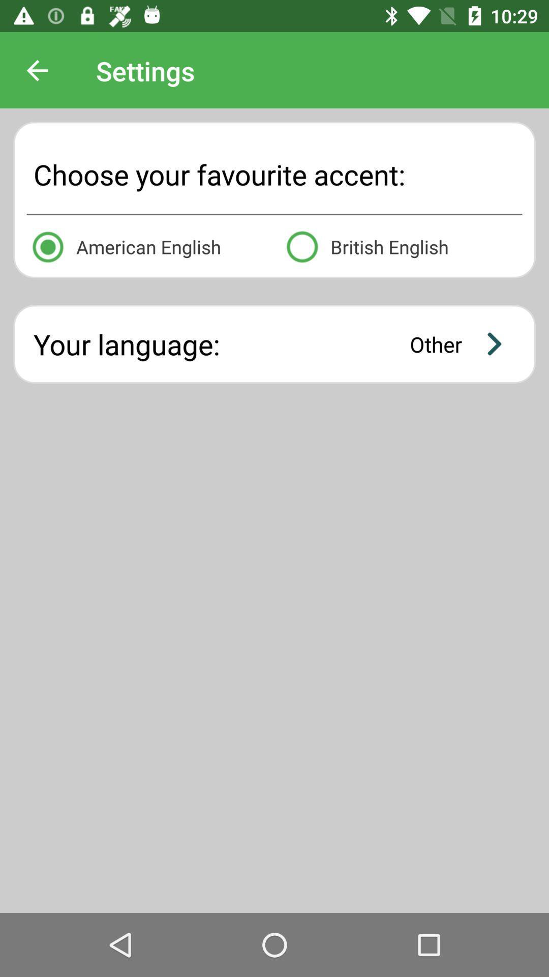  I want to click on the american english icon, so click(147, 245).